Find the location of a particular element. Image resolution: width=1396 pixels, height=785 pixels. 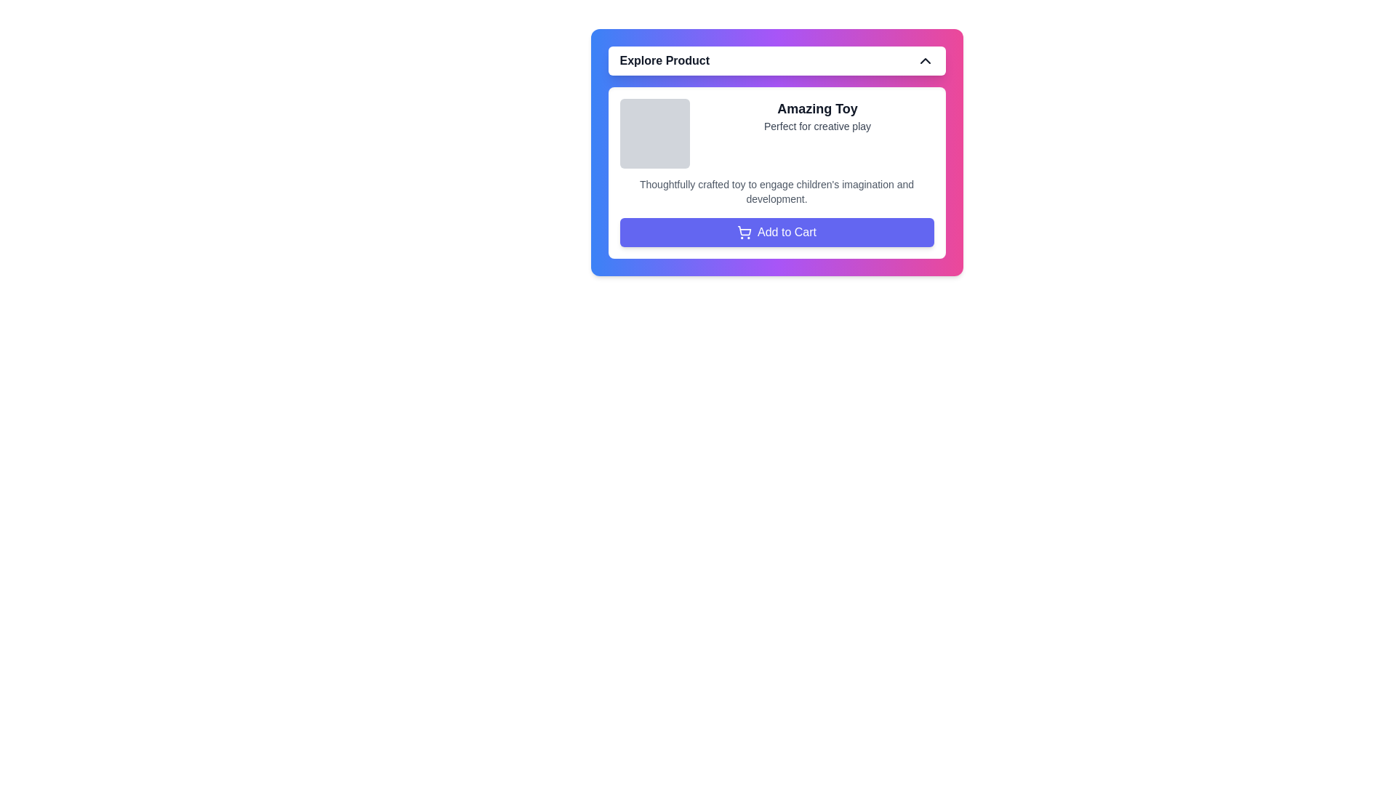

the downward-facing chevron icon on the right end of the 'Explore Product' button is located at coordinates (924, 60).